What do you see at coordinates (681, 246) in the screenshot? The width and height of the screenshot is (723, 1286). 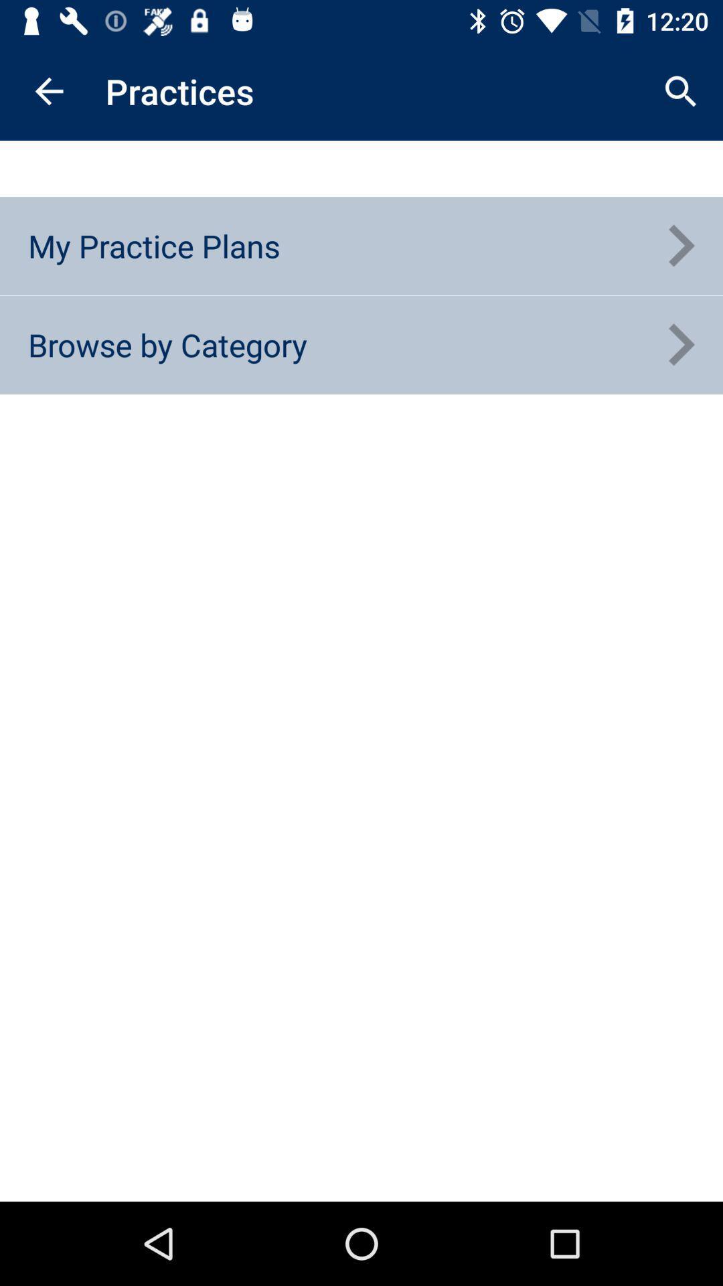 I see `the item next to my practice plans` at bounding box center [681, 246].